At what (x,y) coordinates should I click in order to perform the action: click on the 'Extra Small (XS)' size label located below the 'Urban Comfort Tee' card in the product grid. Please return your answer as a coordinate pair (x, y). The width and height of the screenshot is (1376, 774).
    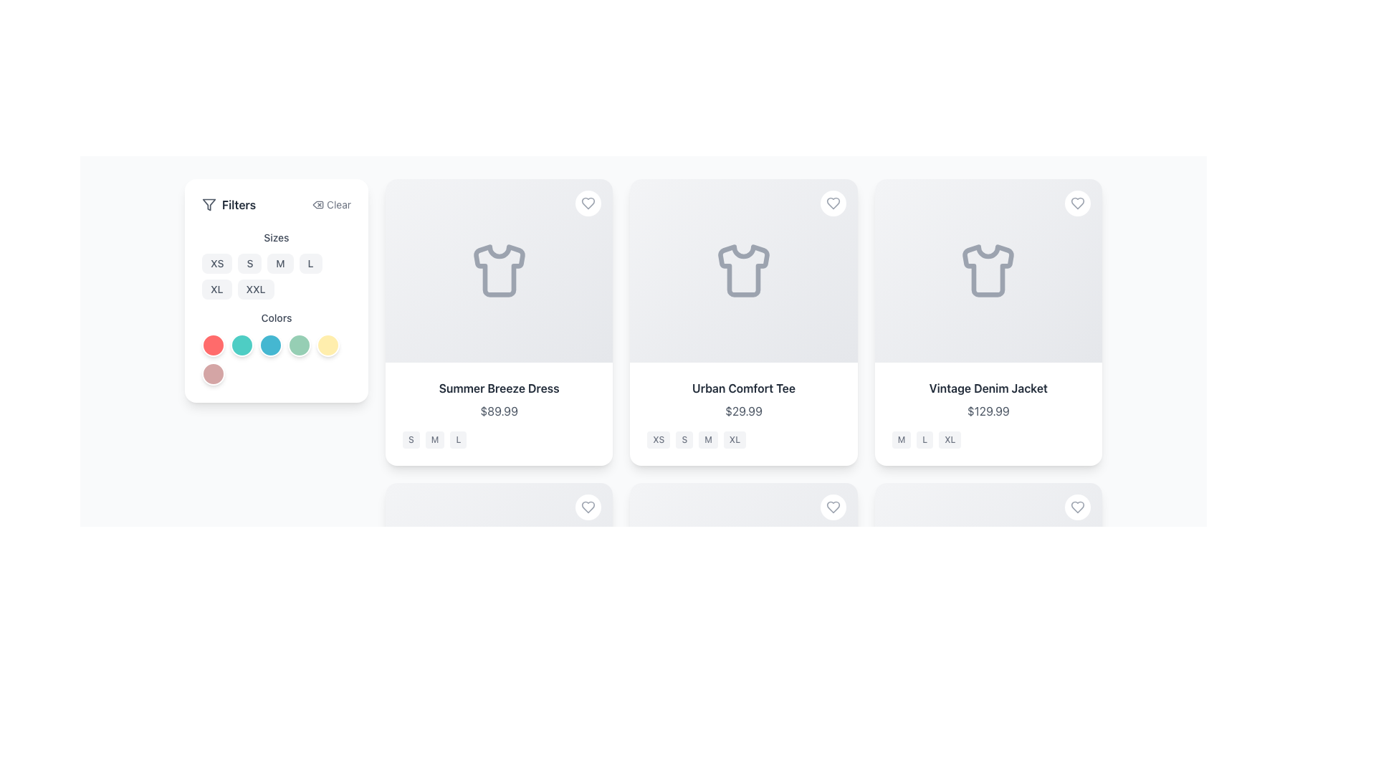
    Looking at the image, I should click on (658, 439).